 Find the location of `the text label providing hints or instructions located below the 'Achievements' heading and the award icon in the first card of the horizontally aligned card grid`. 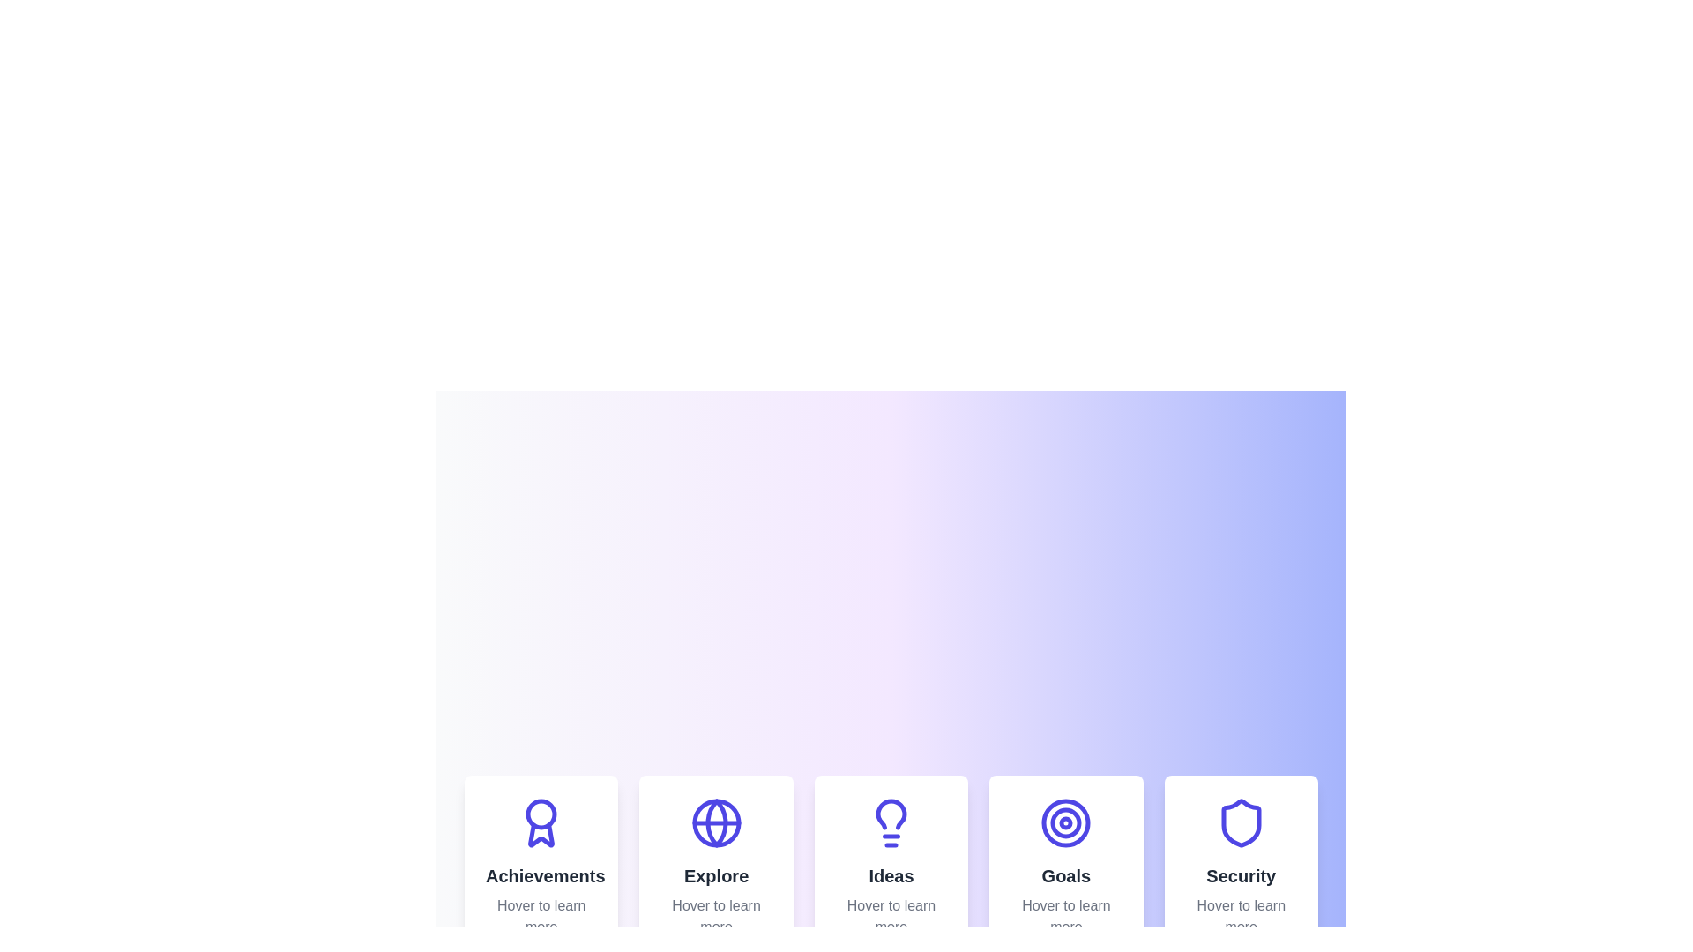

the text label providing hints or instructions located below the 'Achievements' heading and the award icon in the first card of the horizontally aligned card grid is located at coordinates (541, 916).